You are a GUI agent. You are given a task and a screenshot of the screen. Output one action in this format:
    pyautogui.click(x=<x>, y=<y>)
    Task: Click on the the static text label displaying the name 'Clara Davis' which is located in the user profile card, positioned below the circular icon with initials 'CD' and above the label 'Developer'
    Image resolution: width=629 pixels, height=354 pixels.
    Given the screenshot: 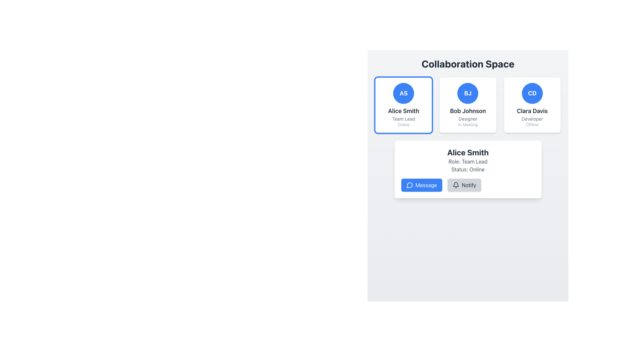 What is the action you would take?
    pyautogui.click(x=532, y=111)
    